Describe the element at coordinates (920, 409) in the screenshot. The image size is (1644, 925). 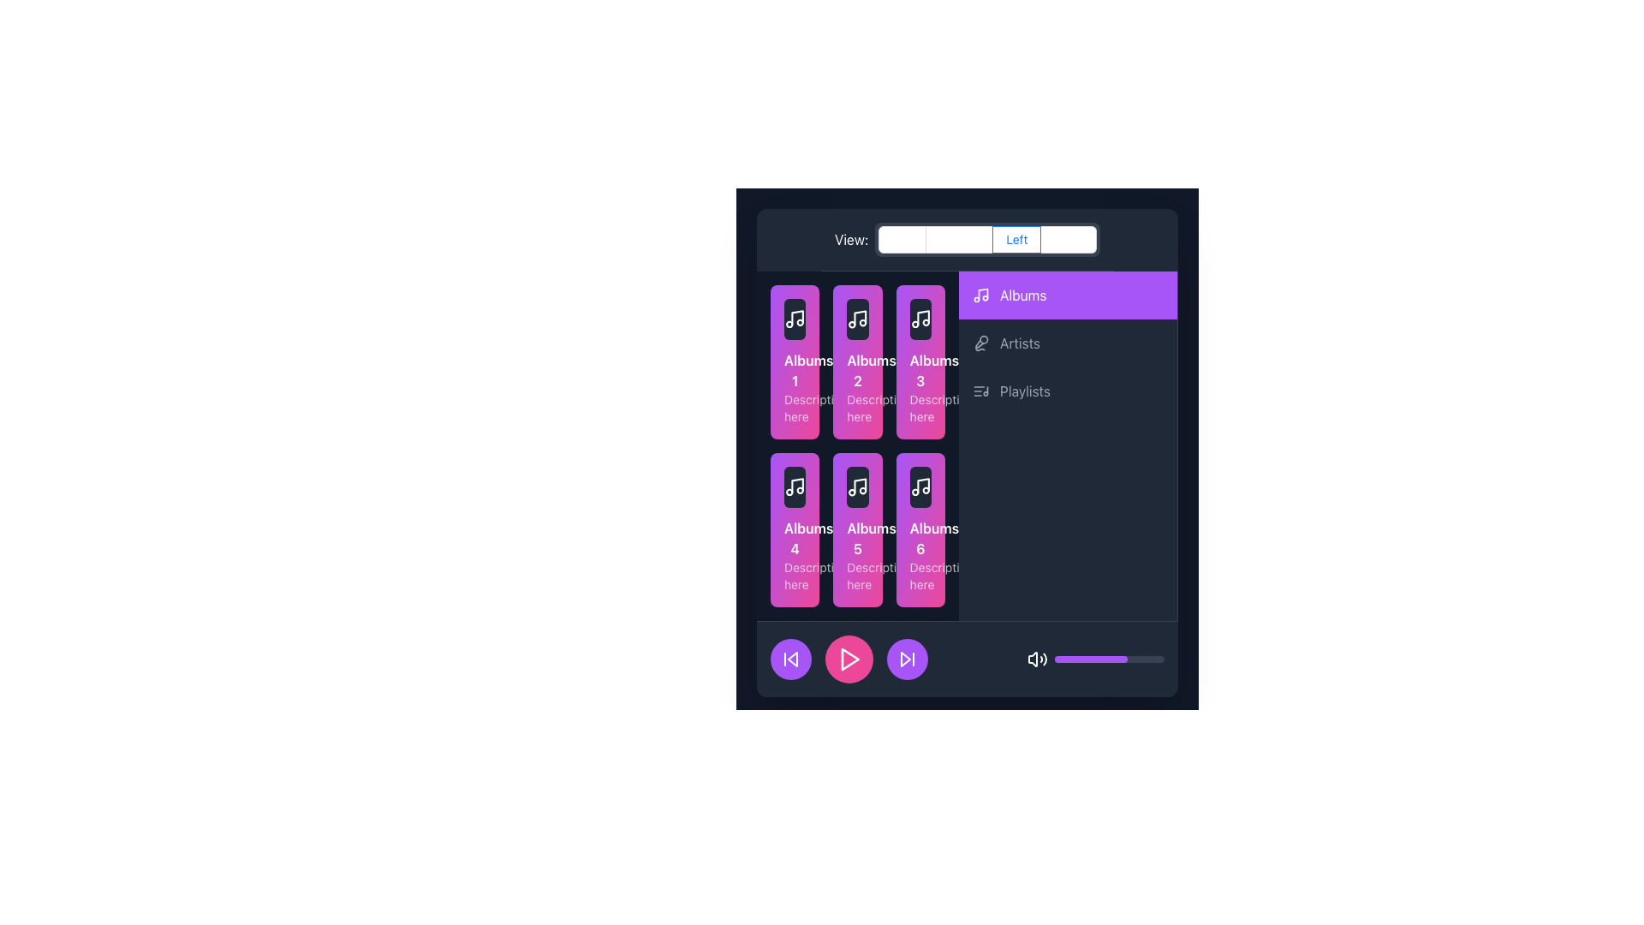
I see `the text label reading 'Description here' located directly below 'Albums 3' in the third album card of the grid layout` at that location.